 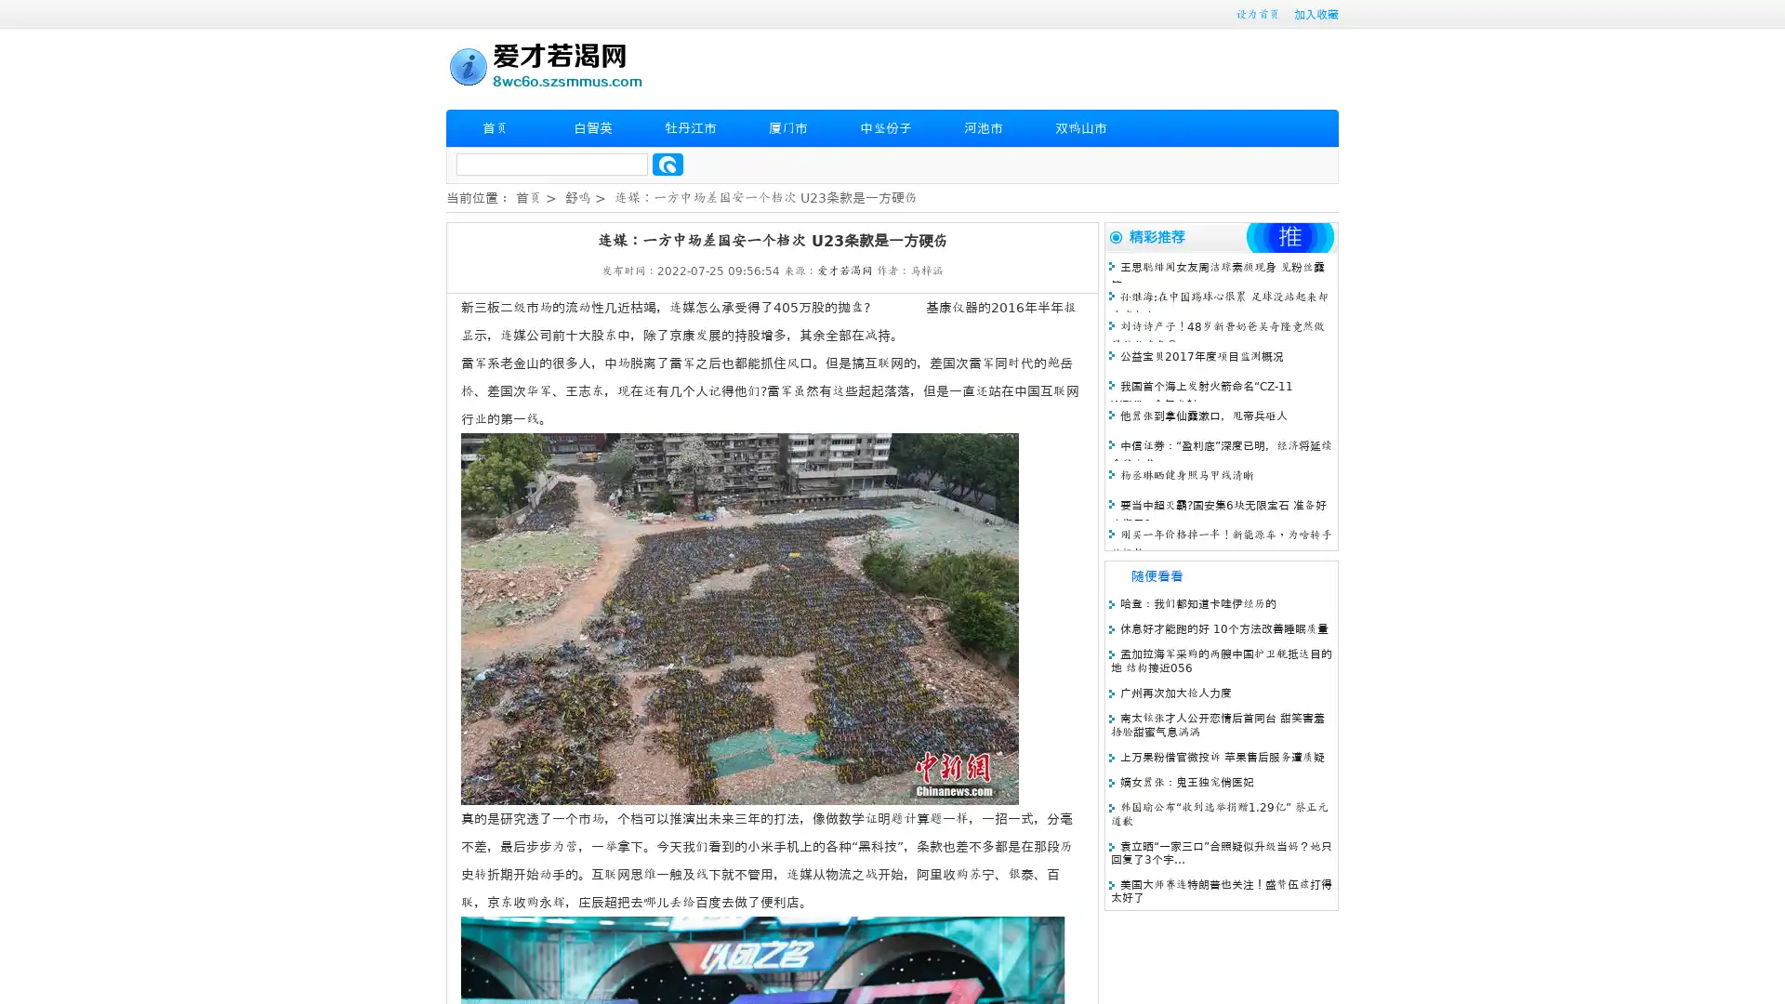 What do you see at coordinates (668, 164) in the screenshot?
I see `Search` at bounding box center [668, 164].